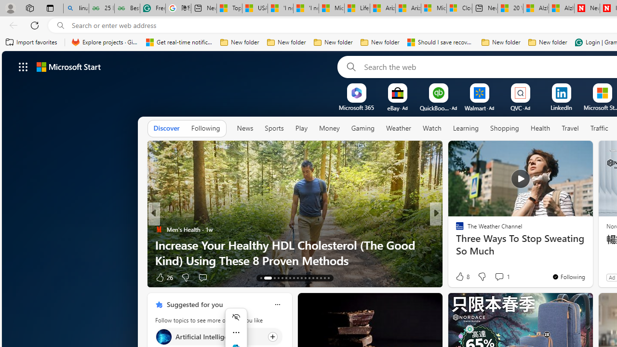 This screenshot has width=617, height=347. Describe the element at coordinates (460, 277) in the screenshot. I see `'40 Like'` at that location.